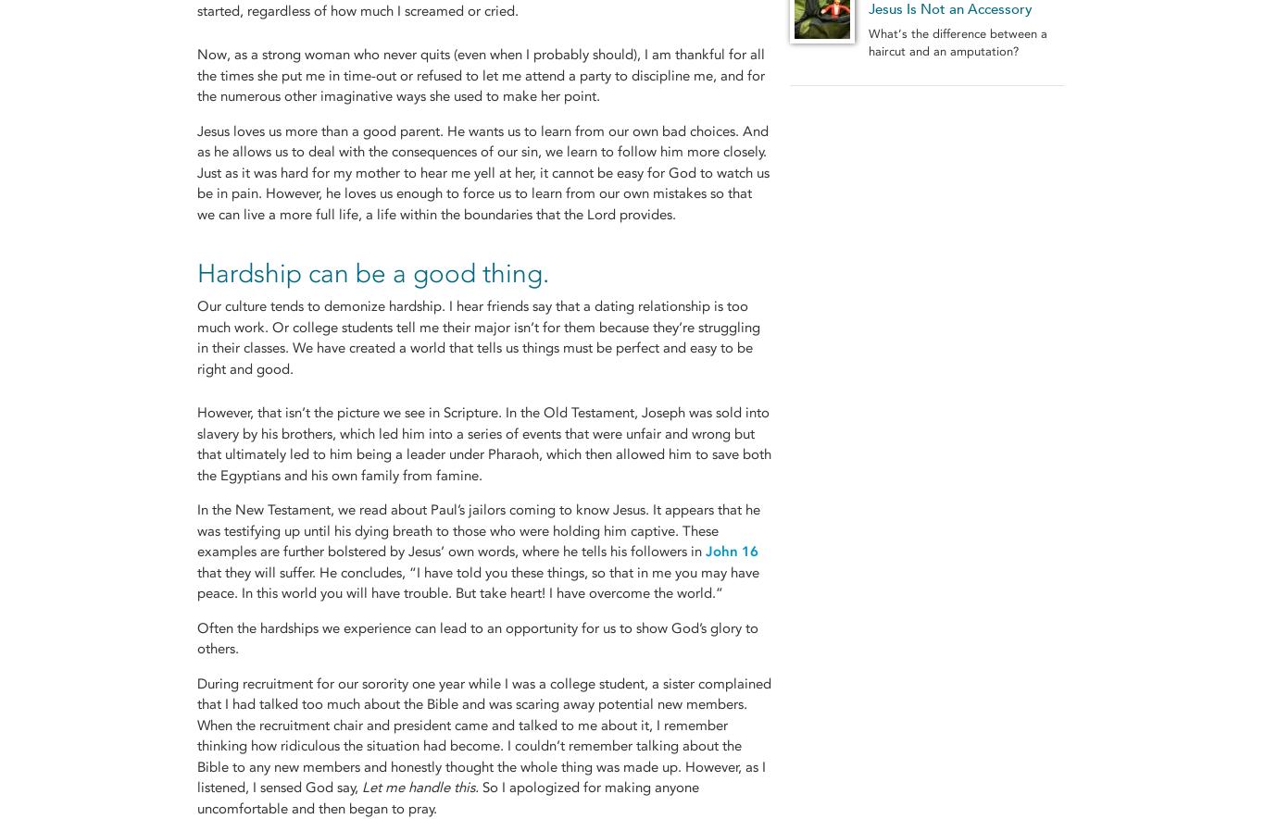 Image resolution: width=1265 pixels, height=819 pixels. Describe the element at coordinates (732, 551) in the screenshot. I see `'John 16'` at that location.